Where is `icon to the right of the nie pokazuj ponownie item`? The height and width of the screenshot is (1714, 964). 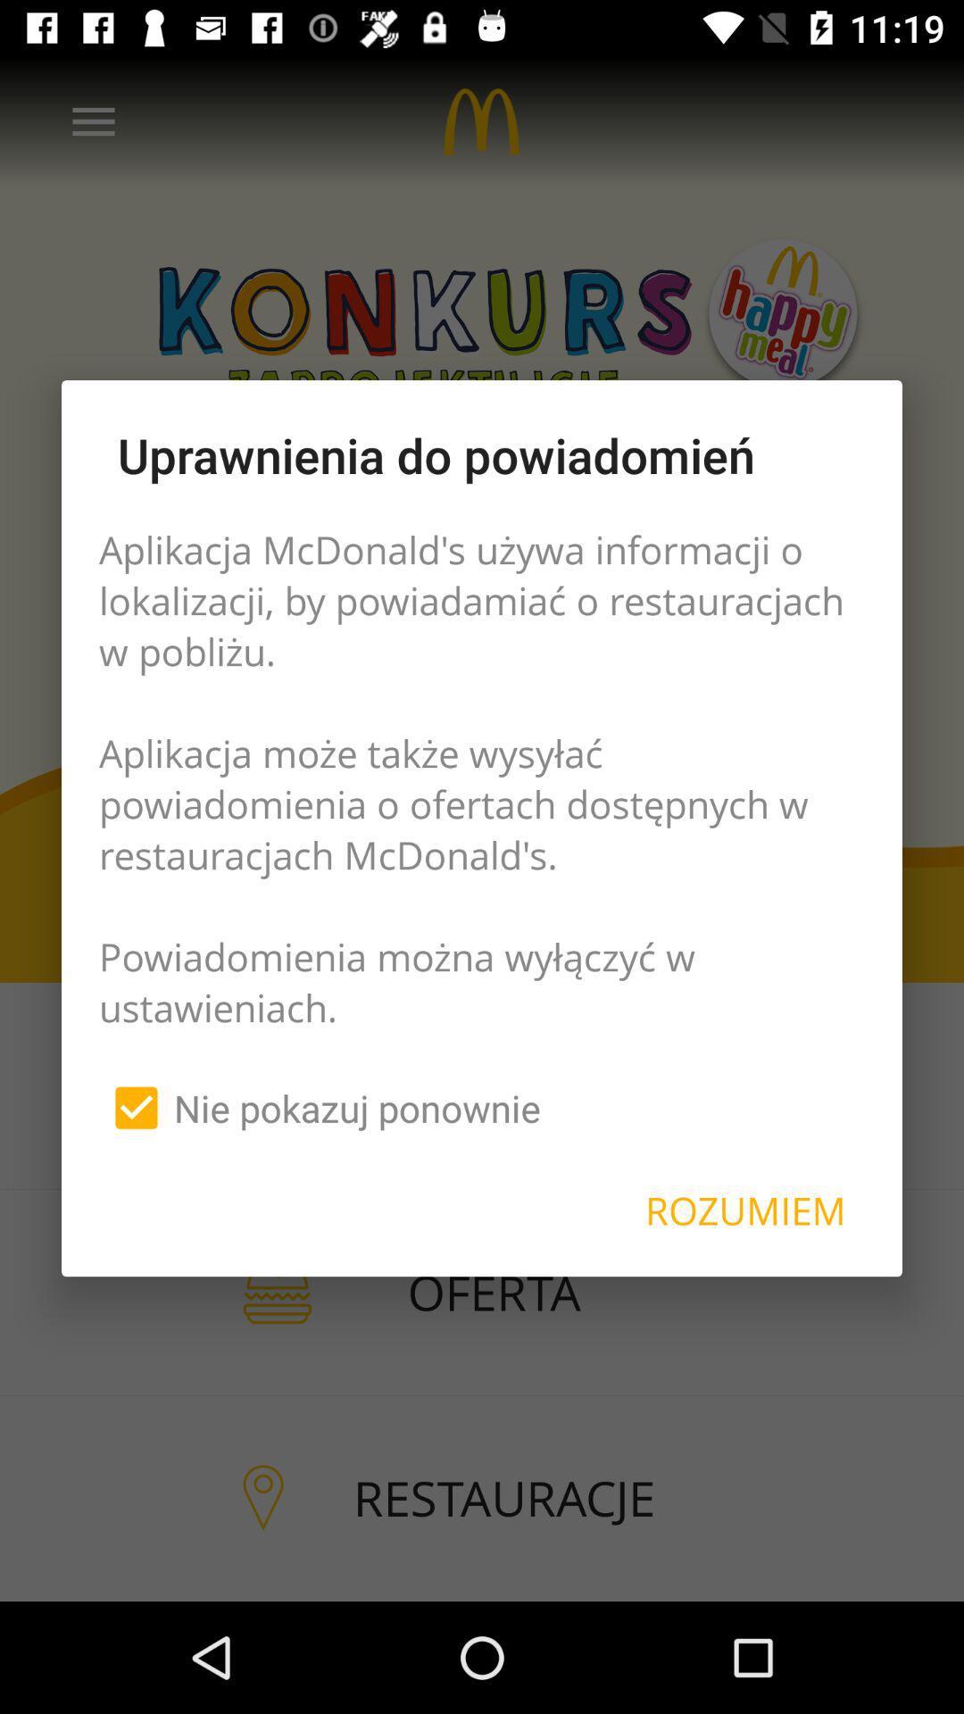 icon to the right of the nie pokazuj ponownie item is located at coordinates (745, 1211).